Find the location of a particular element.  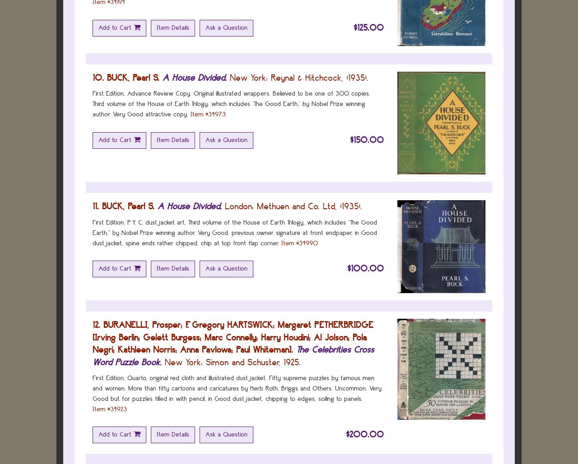

'Methuen and Co. Ltd,' is located at coordinates (256, 206).